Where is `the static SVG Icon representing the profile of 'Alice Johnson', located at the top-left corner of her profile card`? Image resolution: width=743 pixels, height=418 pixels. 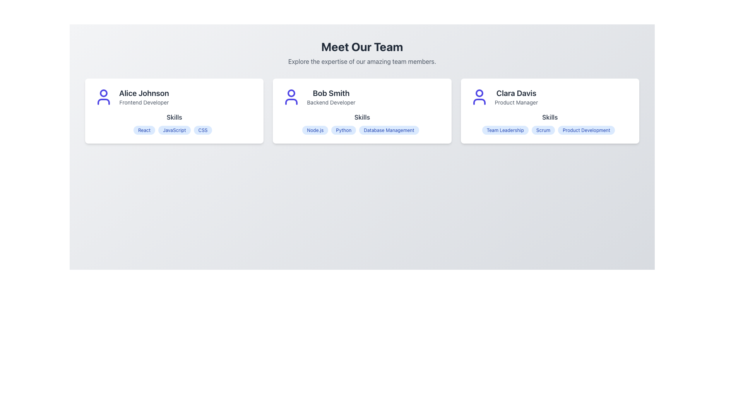 the static SVG Icon representing the profile of 'Alice Johnson', located at the top-left corner of her profile card is located at coordinates (103, 96).